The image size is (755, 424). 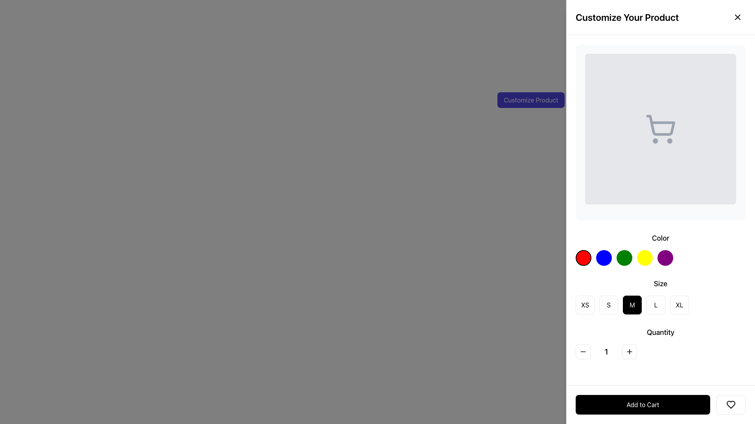 What do you see at coordinates (730, 404) in the screenshot?
I see `the heart icon button located at the bottom-right of the interface to observe the hover effect` at bounding box center [730, 404].